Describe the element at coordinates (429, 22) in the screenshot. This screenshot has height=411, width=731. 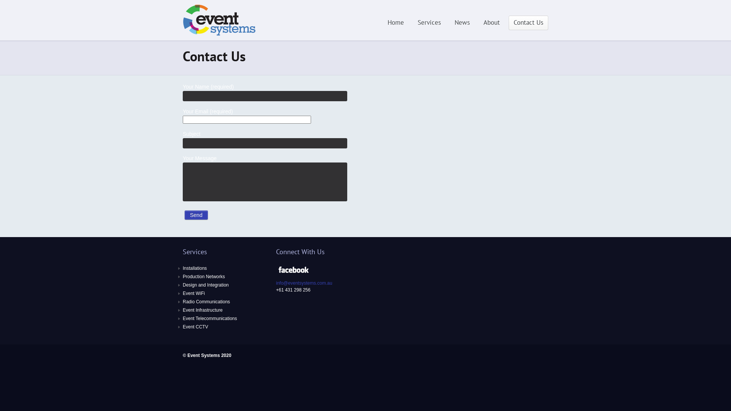
I see `'Services'` at that location.